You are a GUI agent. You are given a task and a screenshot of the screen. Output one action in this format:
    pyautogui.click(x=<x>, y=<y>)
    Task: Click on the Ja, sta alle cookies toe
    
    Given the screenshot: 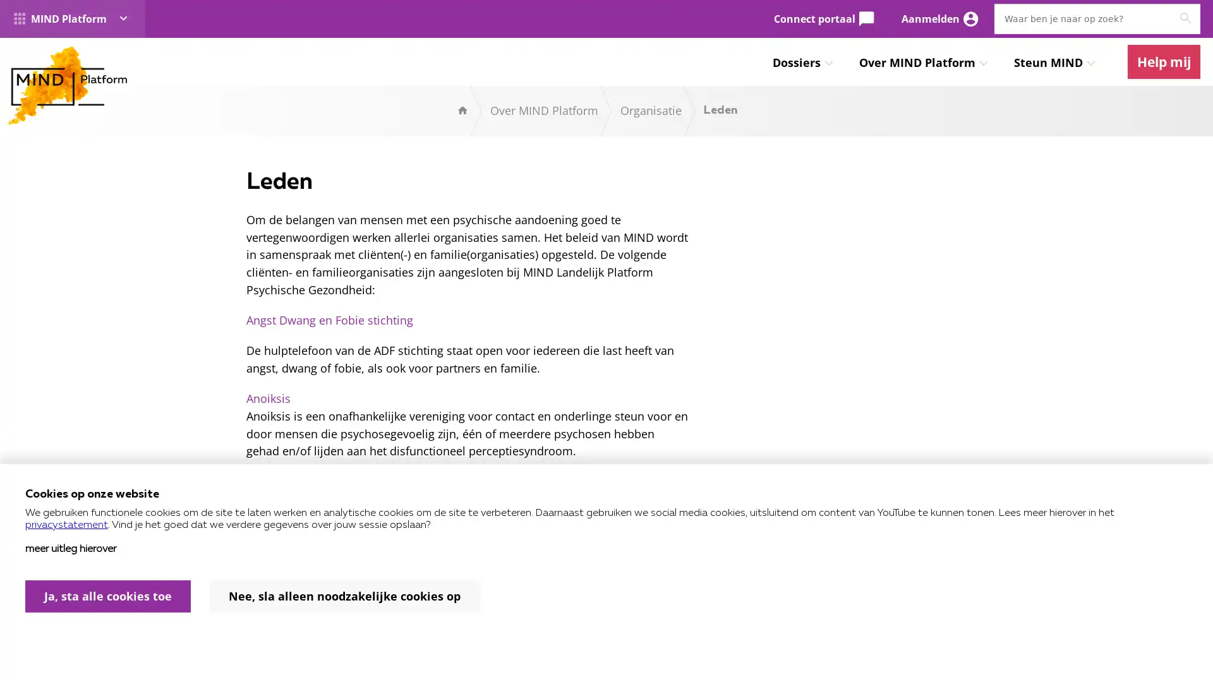 What is the action you would take?
    pyautogui.click(x=108, y=596)
    